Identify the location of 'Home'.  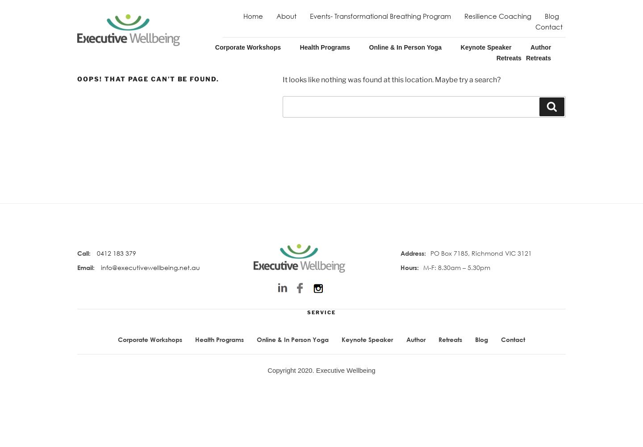
(253, 16).